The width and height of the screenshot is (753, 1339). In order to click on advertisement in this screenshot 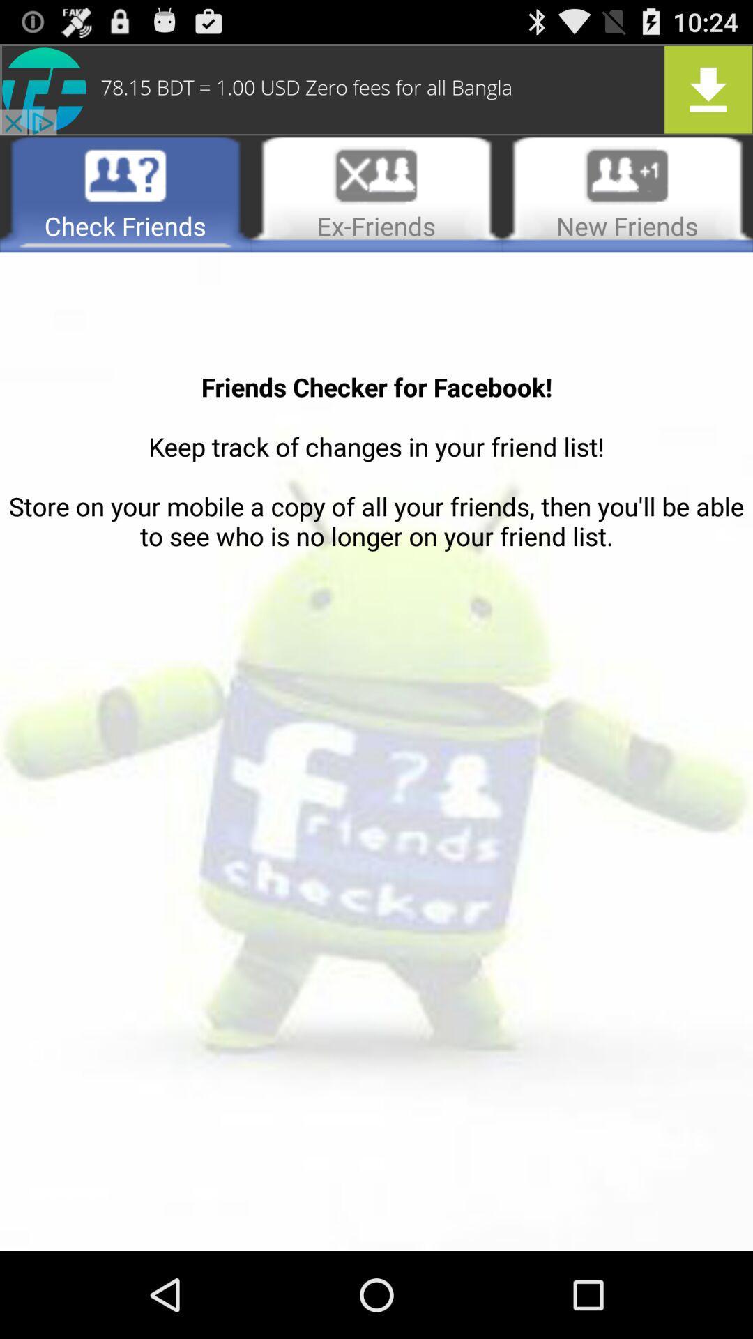, I will do `click(376, 89)`.